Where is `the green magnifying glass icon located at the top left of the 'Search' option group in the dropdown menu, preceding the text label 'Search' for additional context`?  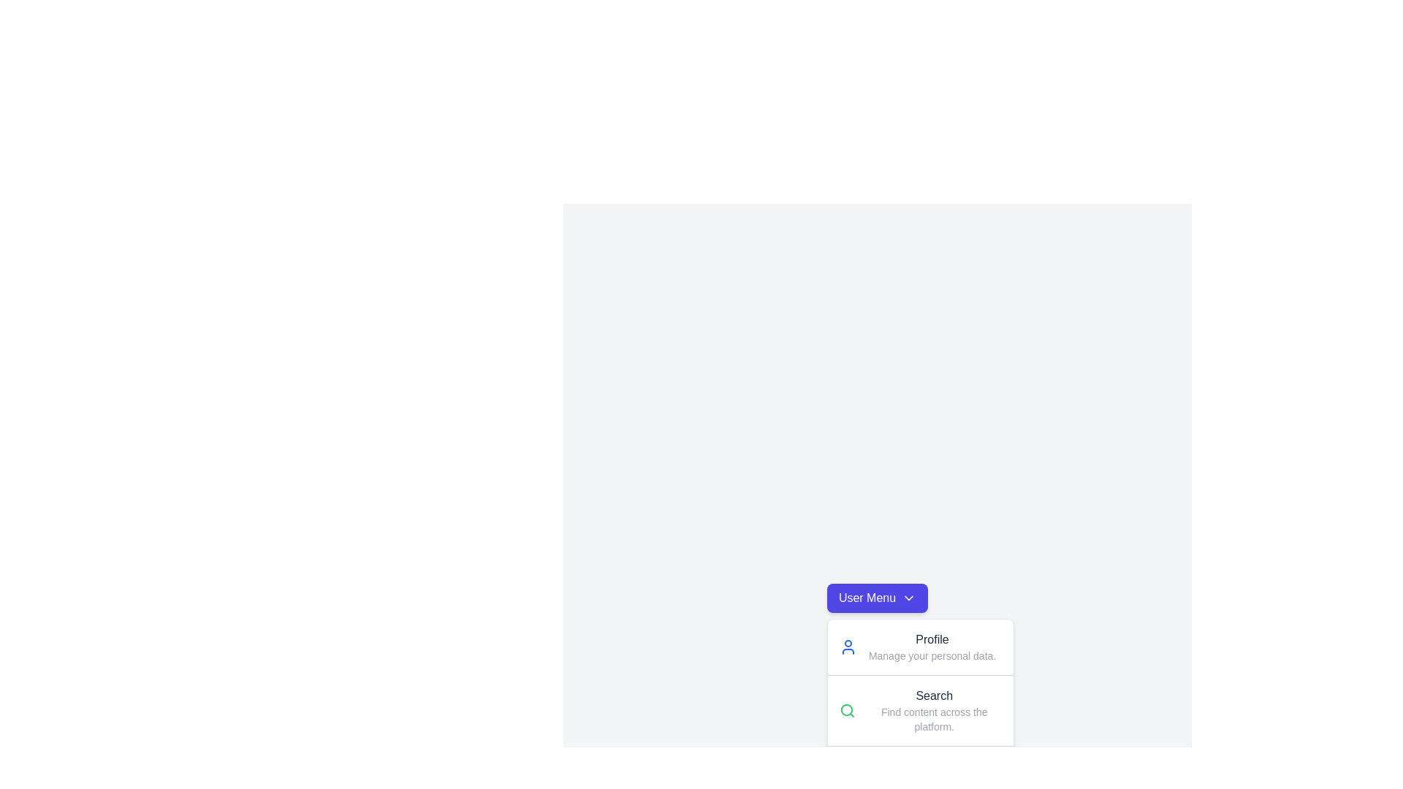 the green magnifying glass icon located at the top left of the 'Search' option group in the dropdown menu, preceding the text label 'Search' for additional context is located at coordinates (847, 709).